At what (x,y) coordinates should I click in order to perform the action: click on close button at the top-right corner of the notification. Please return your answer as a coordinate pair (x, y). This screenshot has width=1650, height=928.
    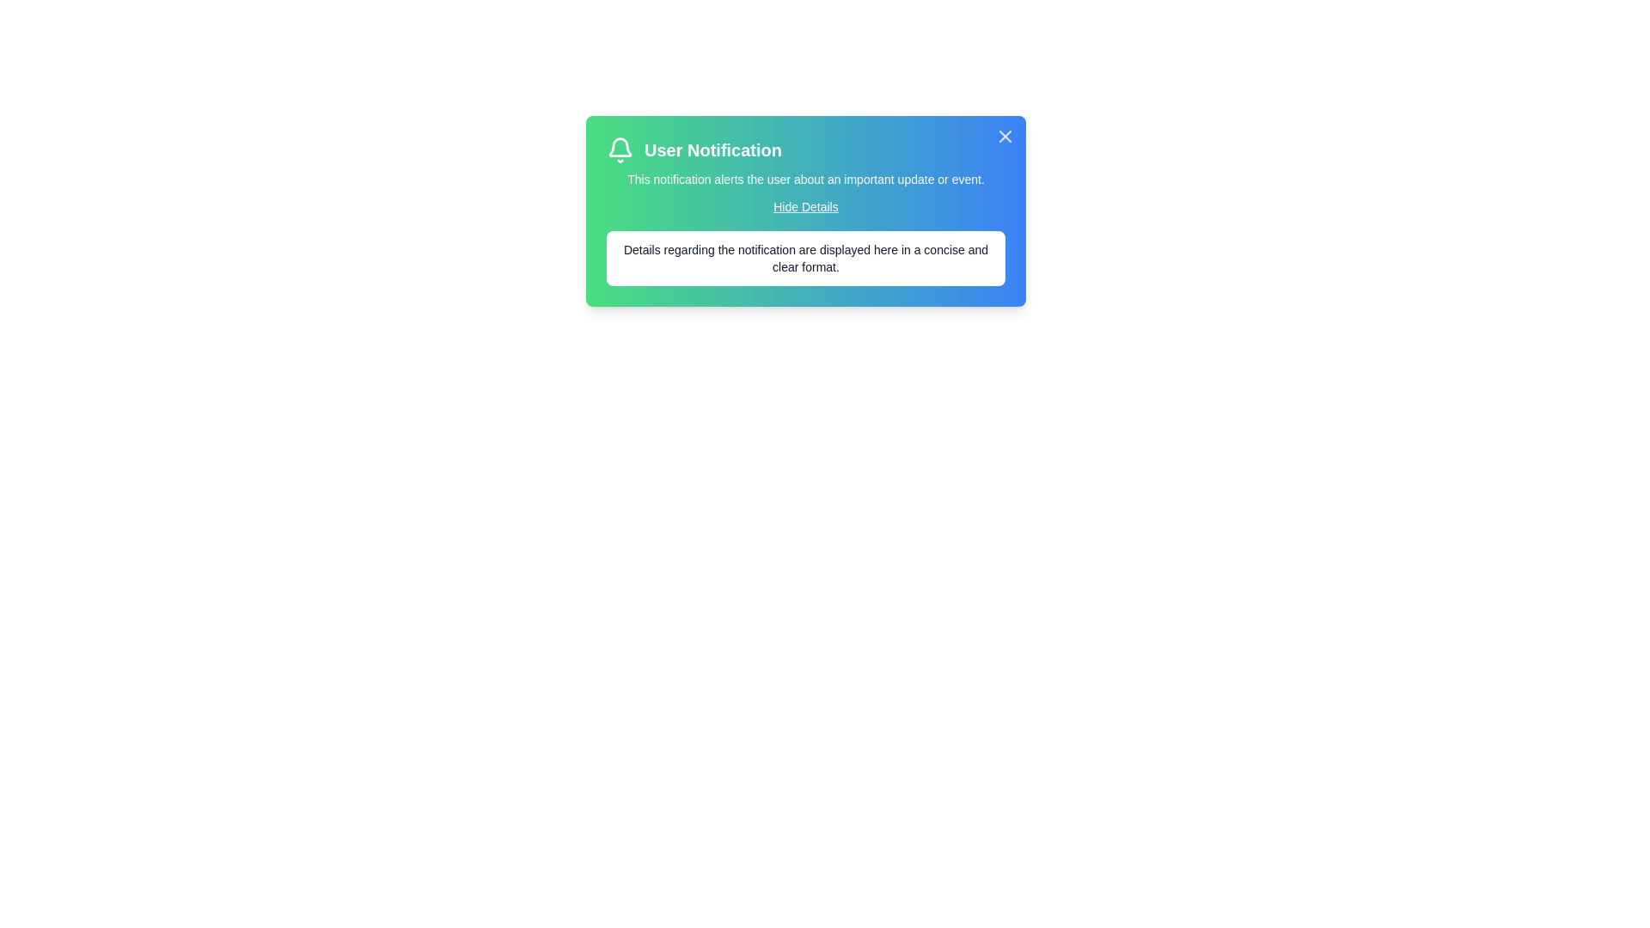
    Looking at the image, I should click on (1005, 135).